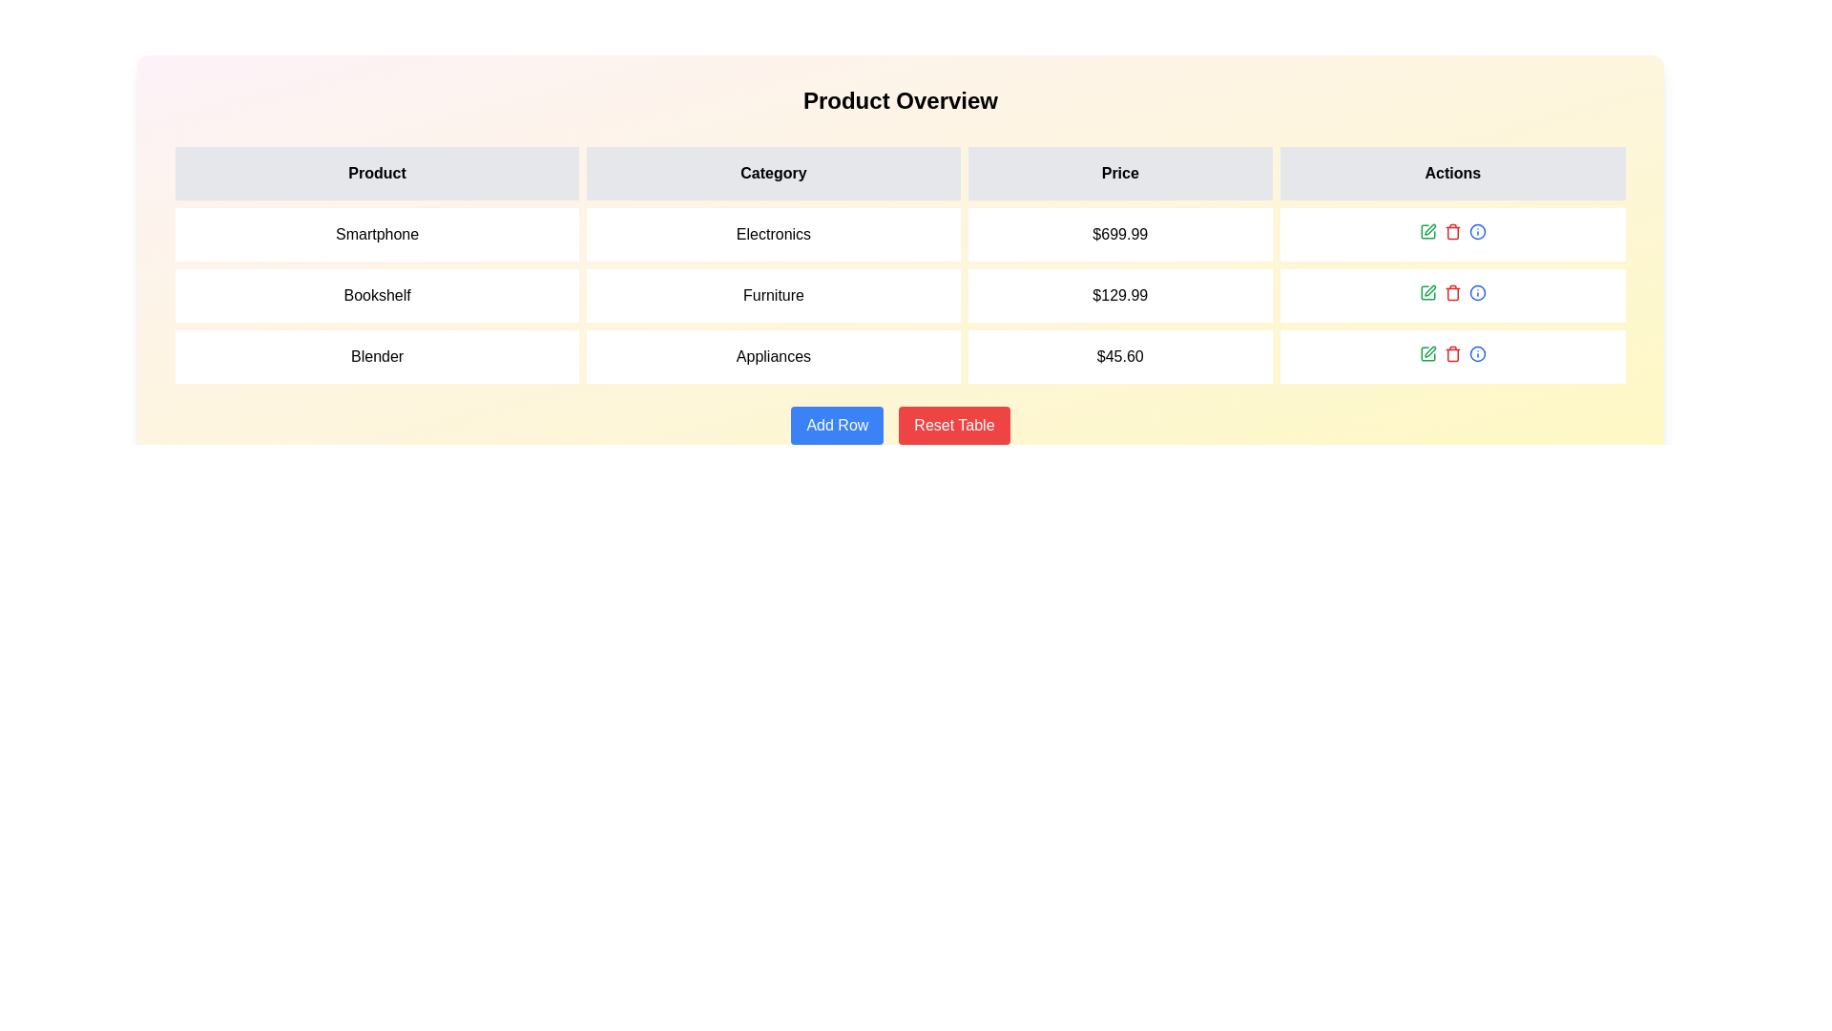  What do you see at coordinates (774, 357) in the screenshot?
I see `the text label displaying 'Appliances' located in the third row under the 'Category' column of a tabular layout` at bounding box center [774, 357].